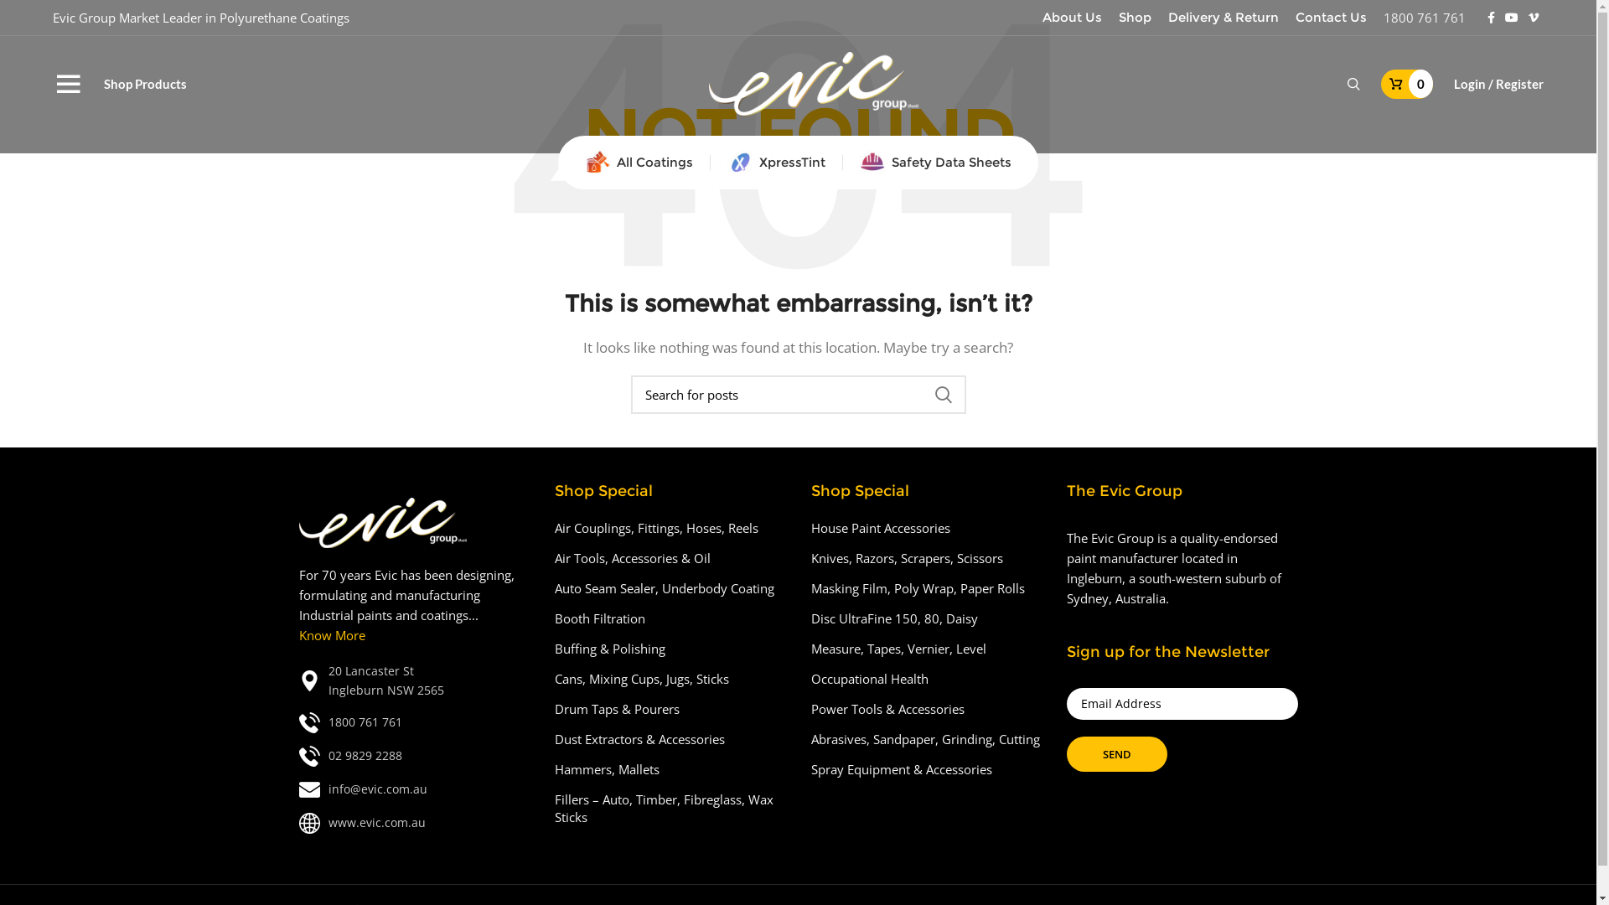 The image size is (1609, 905). What do you see at coordinates (1444, 84) in the screenshot?
I see `'Login / Register'` at bounding box center [1444, 84].